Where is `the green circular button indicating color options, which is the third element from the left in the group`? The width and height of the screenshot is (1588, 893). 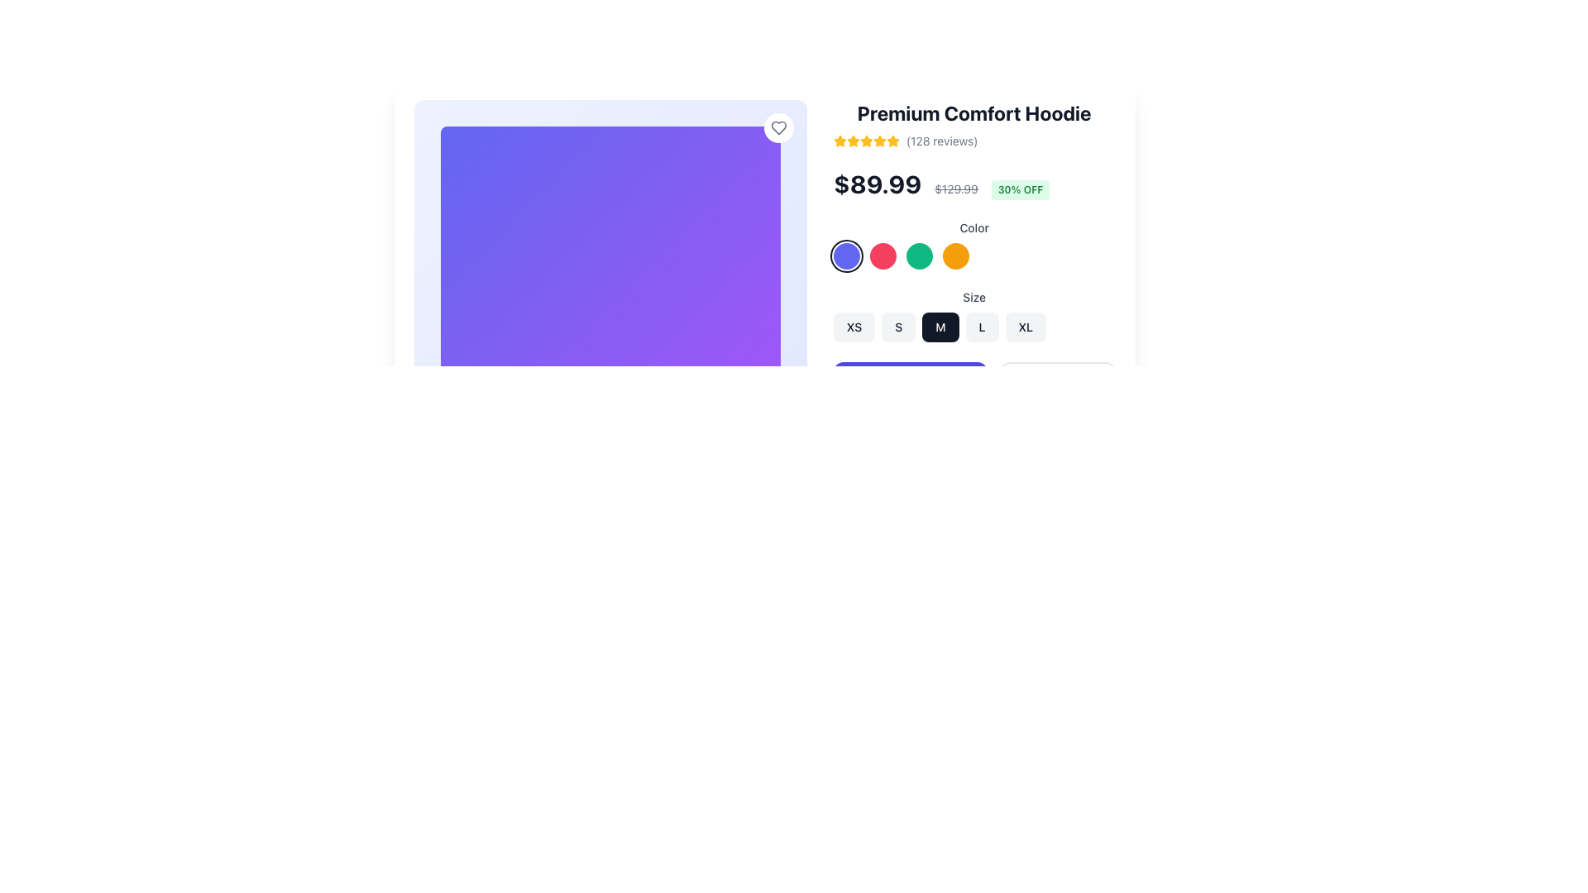 the green circular button indicating color options, which is the third element from the left in the group is located at coordinates (918, 255).